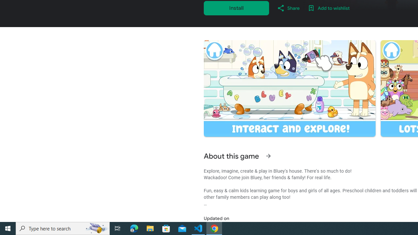  What do you see at coordinates (236, 8) in the screenshot?
I see `'Install'` at bounding box center [236, 8].